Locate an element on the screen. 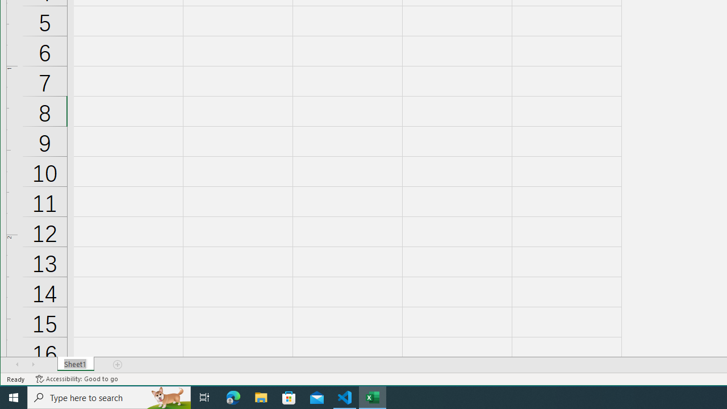 This screenshot has height=409, width=727. 'Microsoft Edge' is located at coordinates (233, 397).